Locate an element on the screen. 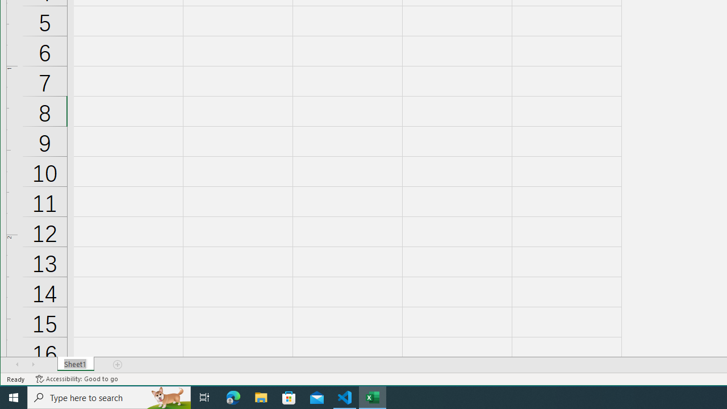 This screenshot has height=409, width=727. 'Microsoft Edge' is located at coordinates (233, 397).